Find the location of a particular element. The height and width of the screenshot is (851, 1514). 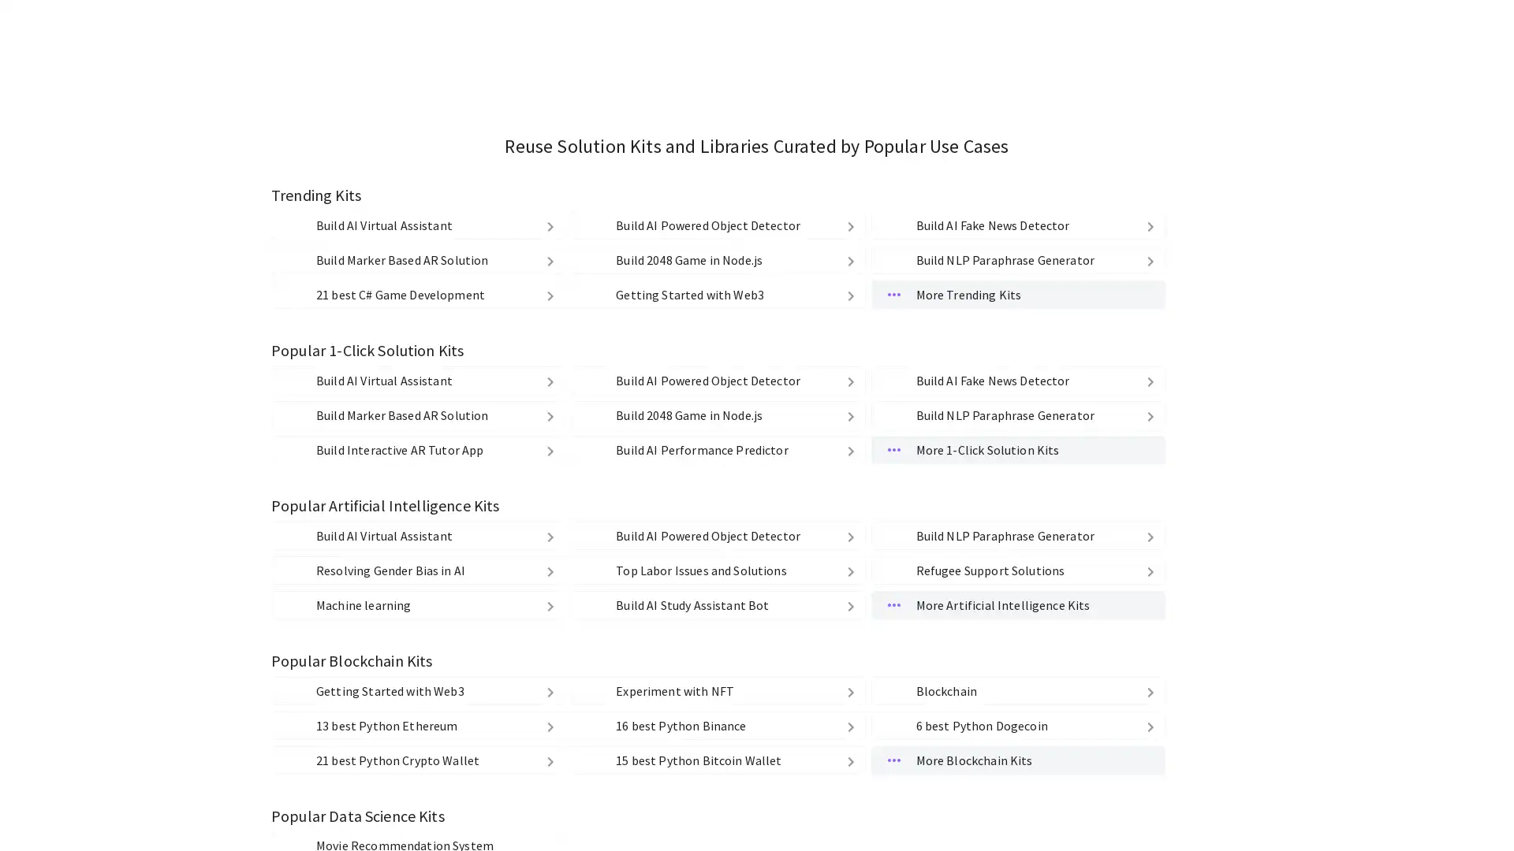

delete is located at coordinates (828, 622).